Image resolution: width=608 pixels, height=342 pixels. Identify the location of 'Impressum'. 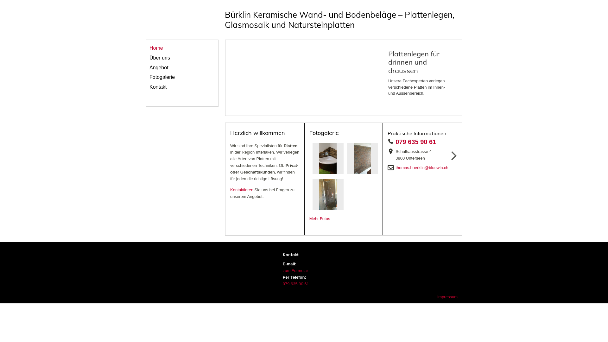
(447, 297).